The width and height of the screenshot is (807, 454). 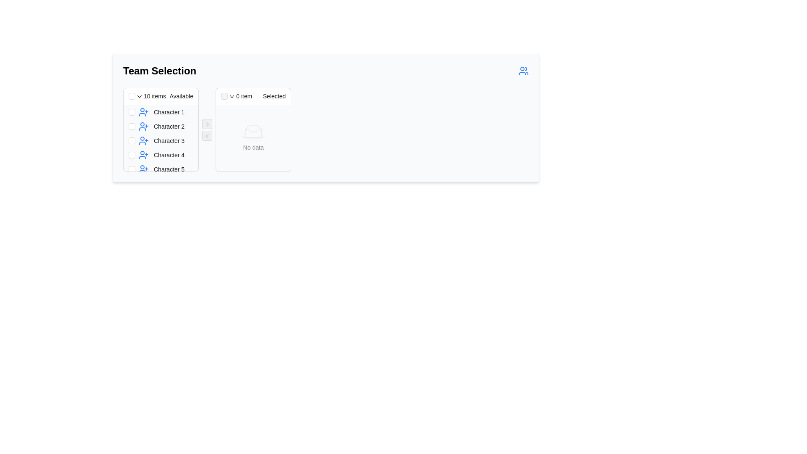 What do you see at coordinates (523, 71) in the screenshot?
I see `the small graphical icon depicting a group of people, styled in a modern outline format with blue color highlights, located on the far right side of the header section labeled 'Team Selection'` at bounding box center [523, 71].